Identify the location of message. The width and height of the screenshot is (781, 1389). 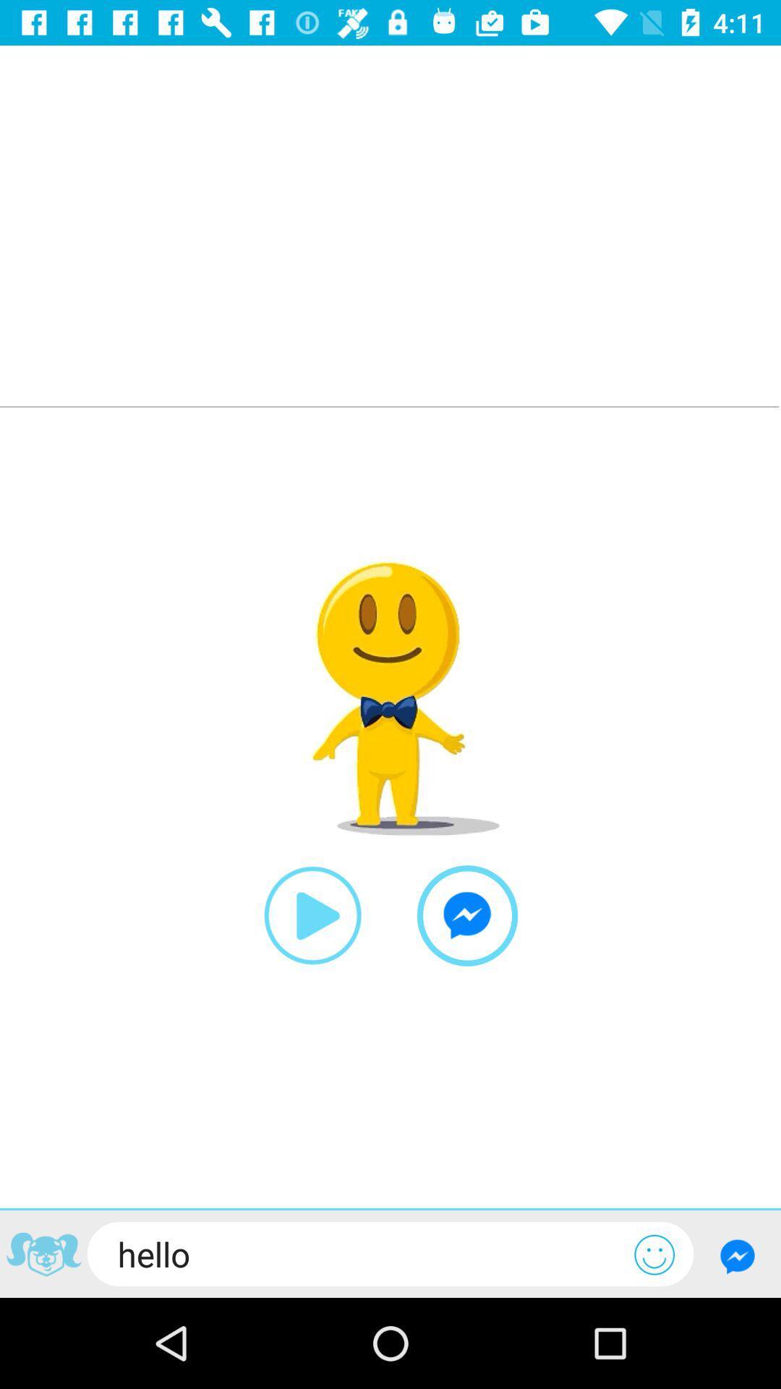
(737, 1255).